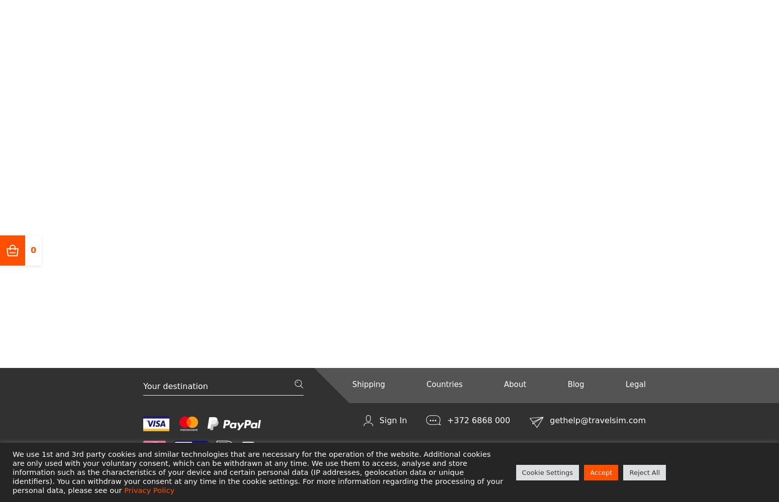 The width and height of the screenshot is (779, 502). I want to click on 'English', so click(631, 483).